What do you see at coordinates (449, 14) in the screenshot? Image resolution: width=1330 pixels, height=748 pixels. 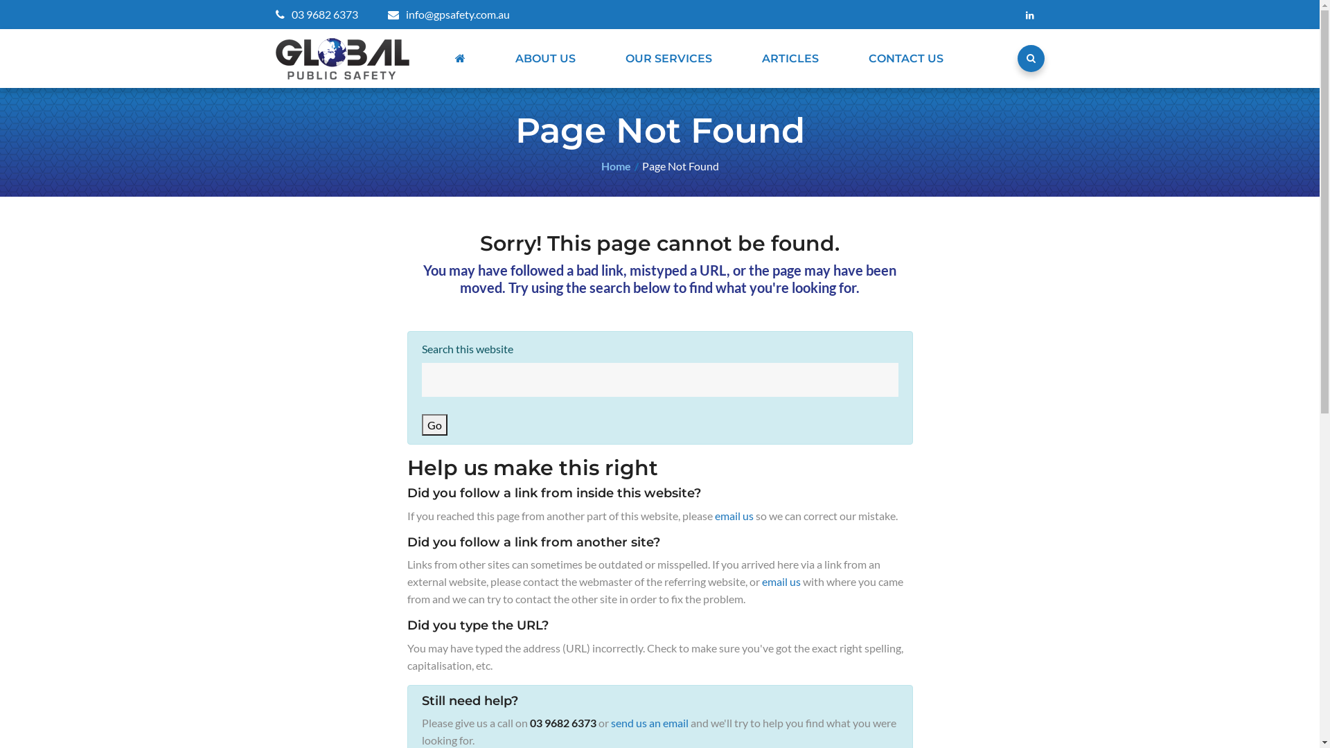 I see `'info@gpsafety.com.au'` at bounding box center [449, 14].